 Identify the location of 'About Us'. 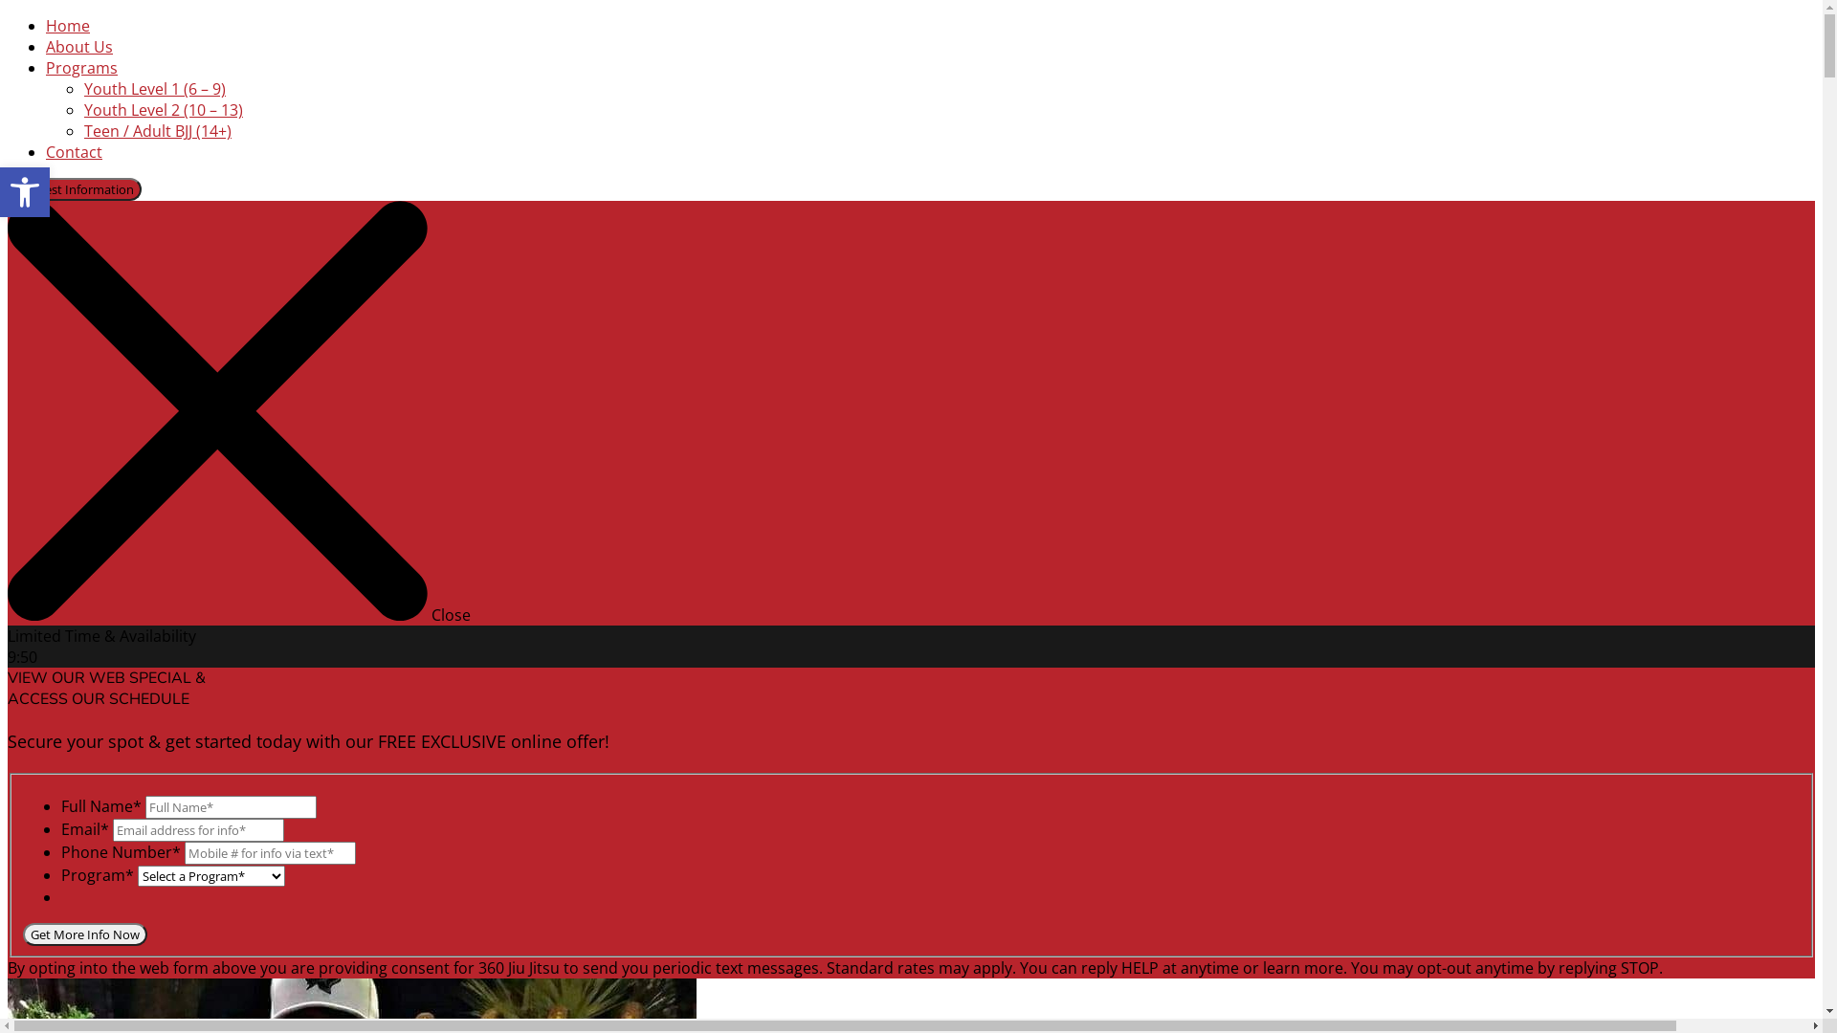
(77, 46).